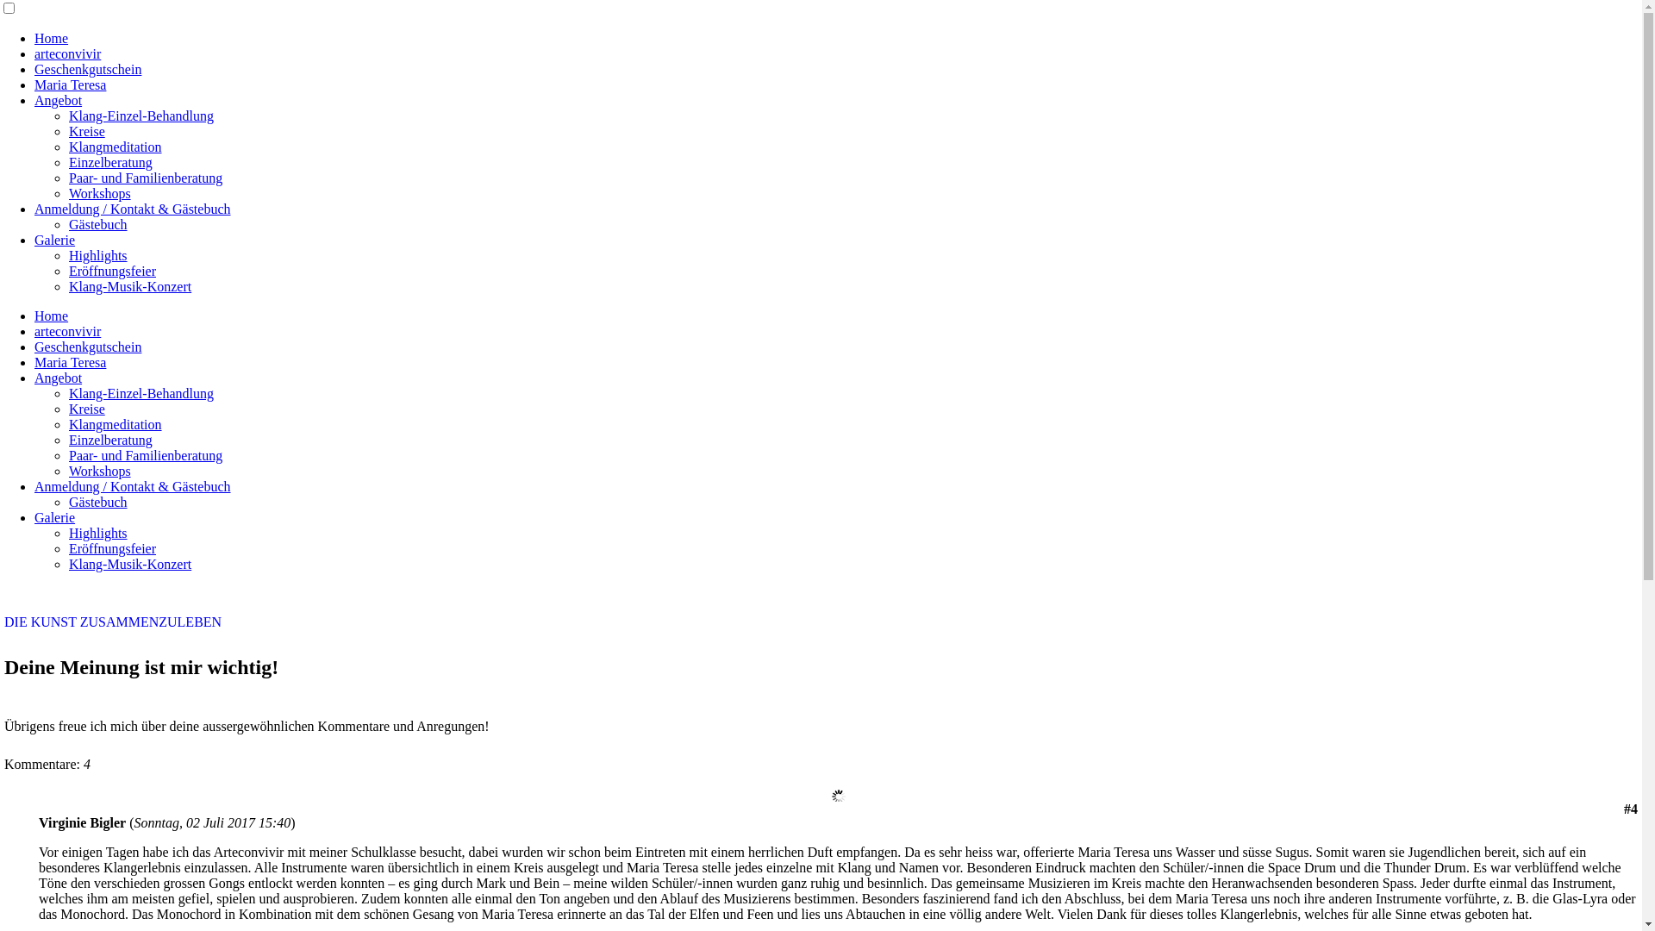 This screenshot has width=1655, height=931. Describe the element at coordinates (109, 439) in the screenshot. I see `'Einzelberatung'` at that location.